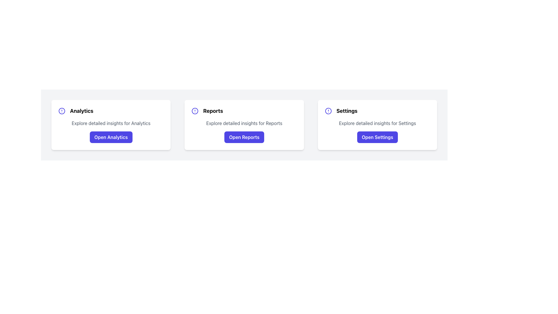  What do you see at coordinates (328, 111) in the screenshot?
I see `the notification icon located in the top-left corner of the 'Settings' card, which serves as an alert indicator` at bounding box center [328, 111].